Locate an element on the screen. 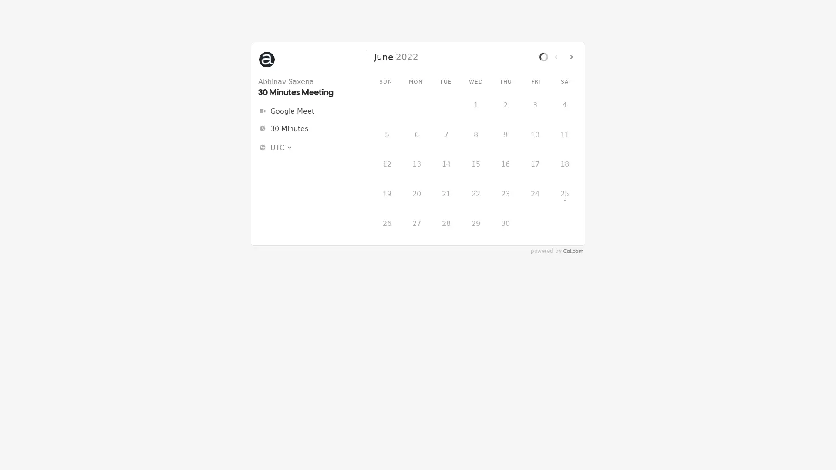  9 is located at coordinates (506, 134).